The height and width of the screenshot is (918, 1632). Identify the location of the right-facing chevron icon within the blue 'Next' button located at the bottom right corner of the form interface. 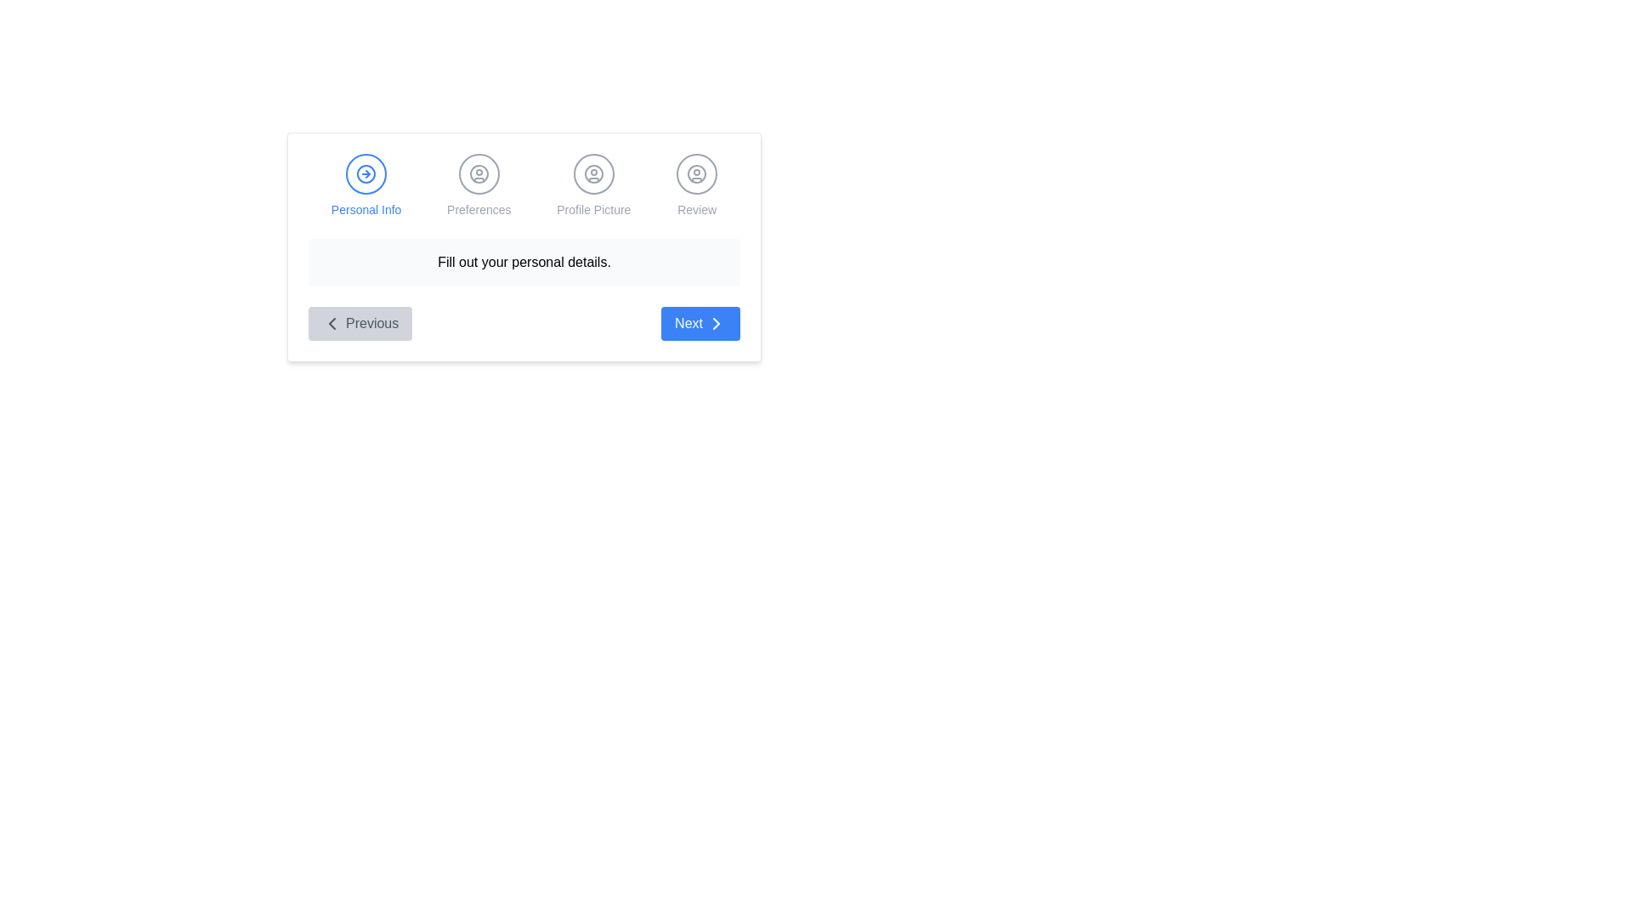
(717, 324).